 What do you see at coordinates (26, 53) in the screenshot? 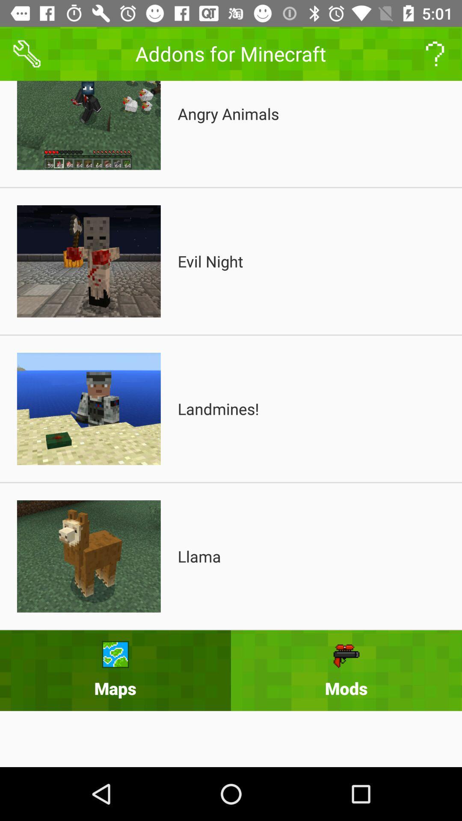
I see `the build icon` at bounding box center [26, 53].